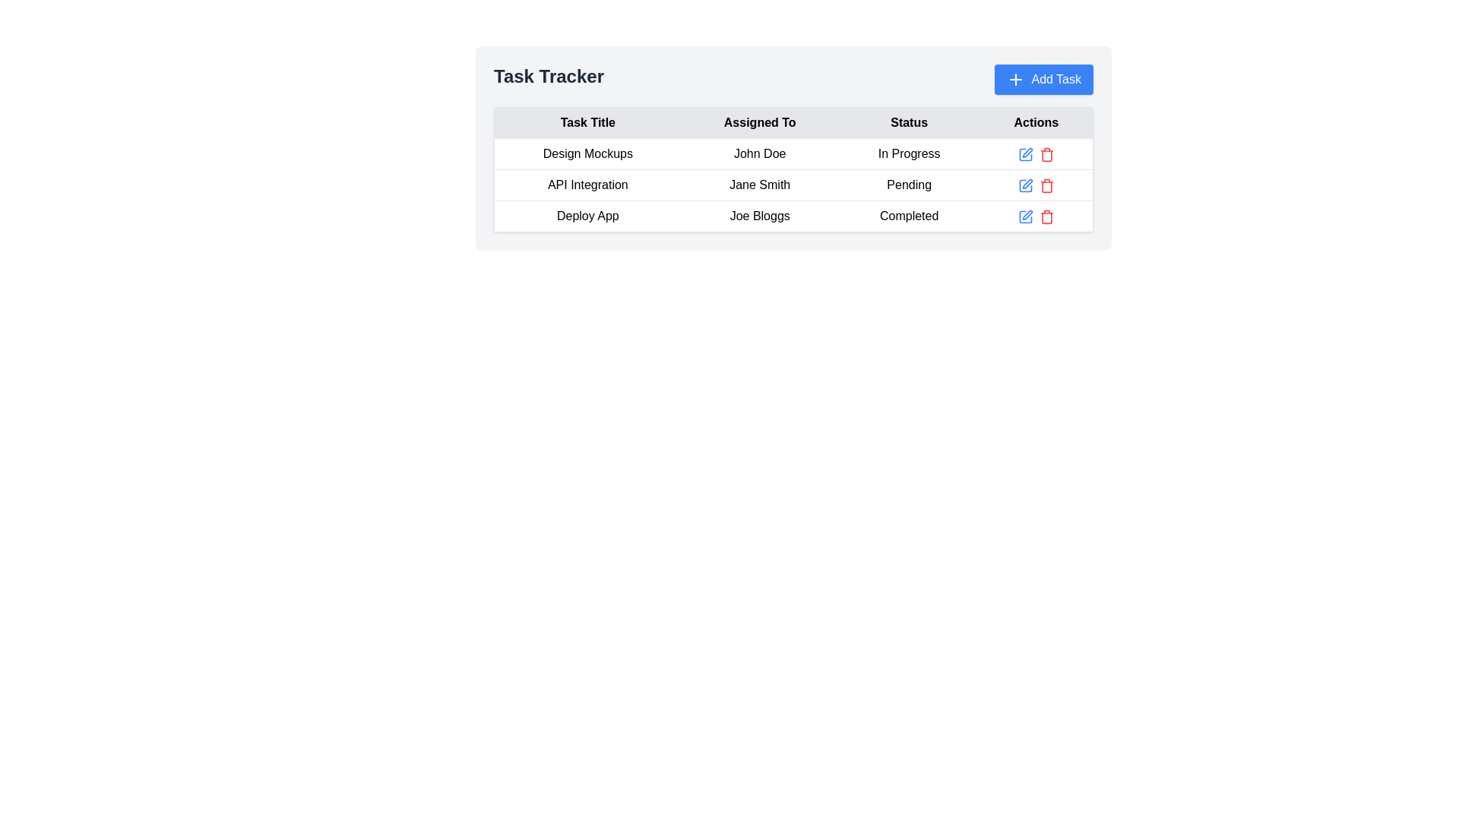  Describe the element at coordinates (1046, 154) in the screenshot. I see `keyboard navigation` at that location.